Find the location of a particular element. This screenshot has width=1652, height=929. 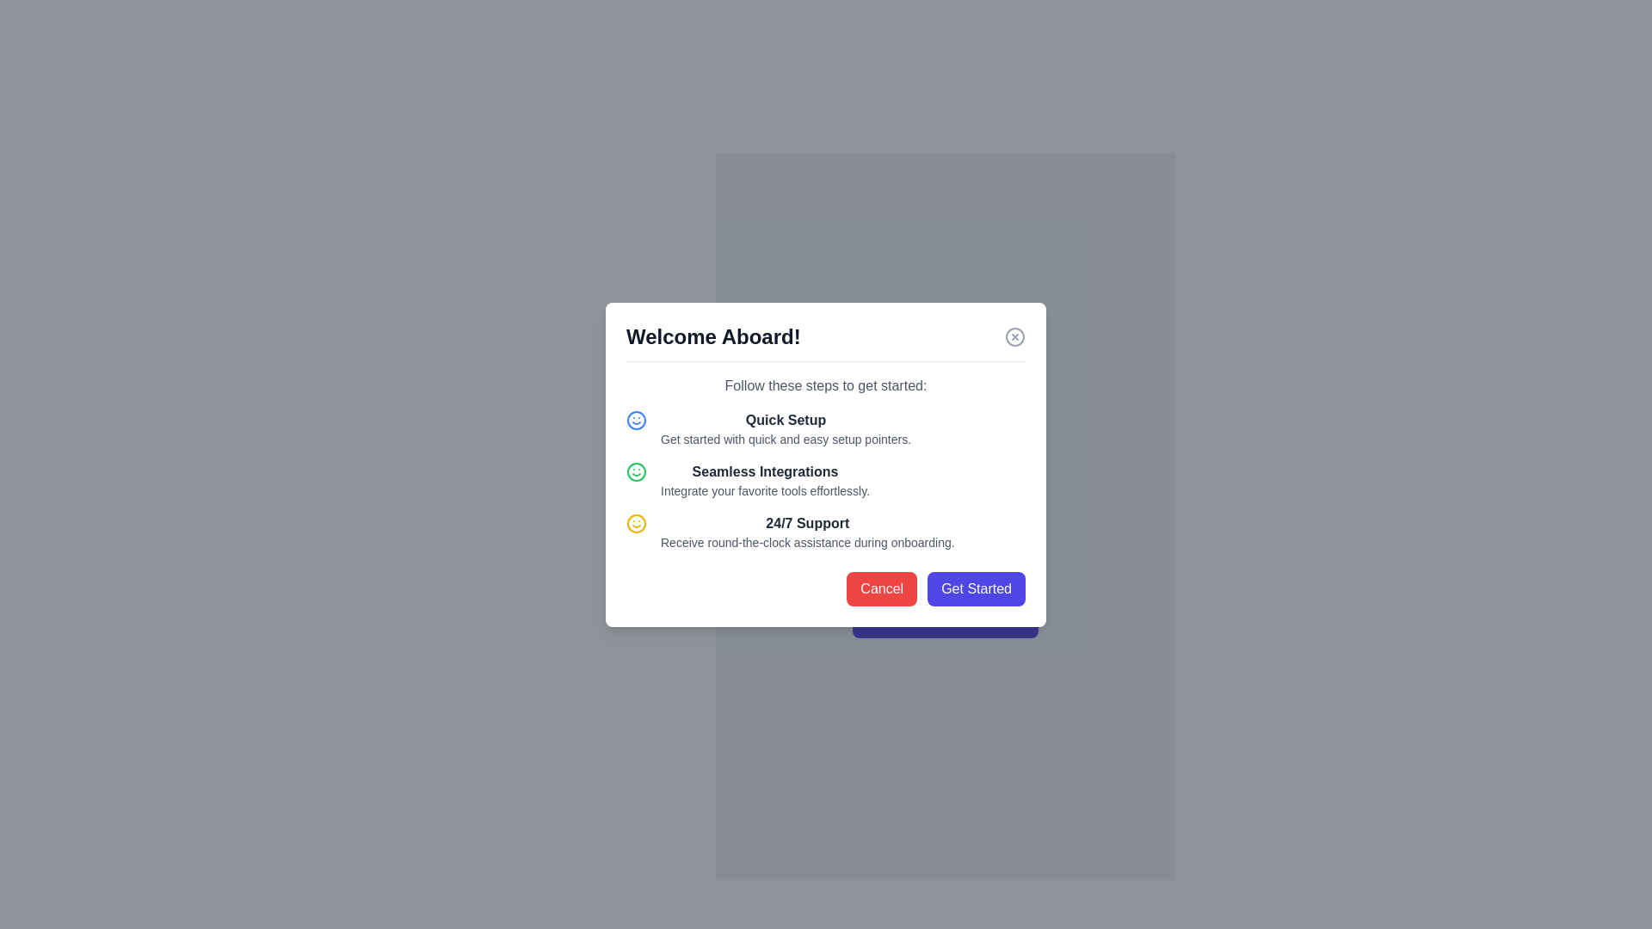

the smiling face icon SVG element located to the left of the '24/7 Support' text for information is located at coordinates (635, 522).